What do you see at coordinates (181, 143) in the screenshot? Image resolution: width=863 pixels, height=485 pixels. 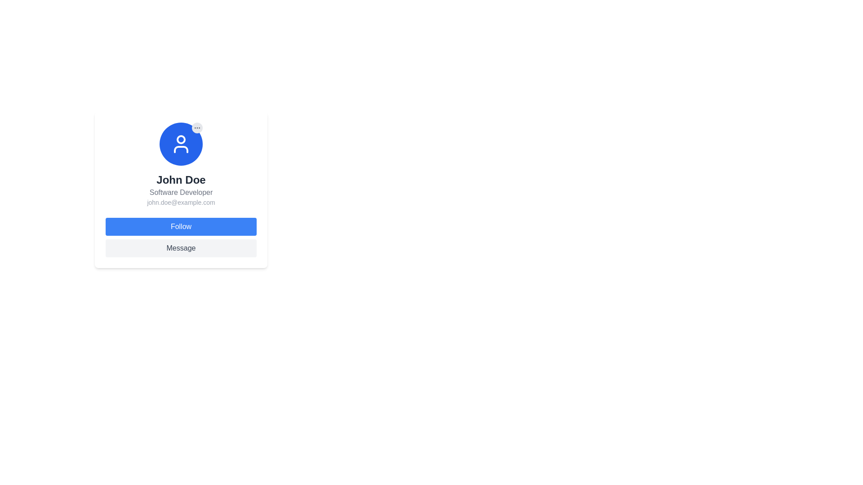 I see `the round SVG icon displaying an outline of a person, which is located at the top center of the profile card above the name 'John Doe'` at bounding box center [181, 143].